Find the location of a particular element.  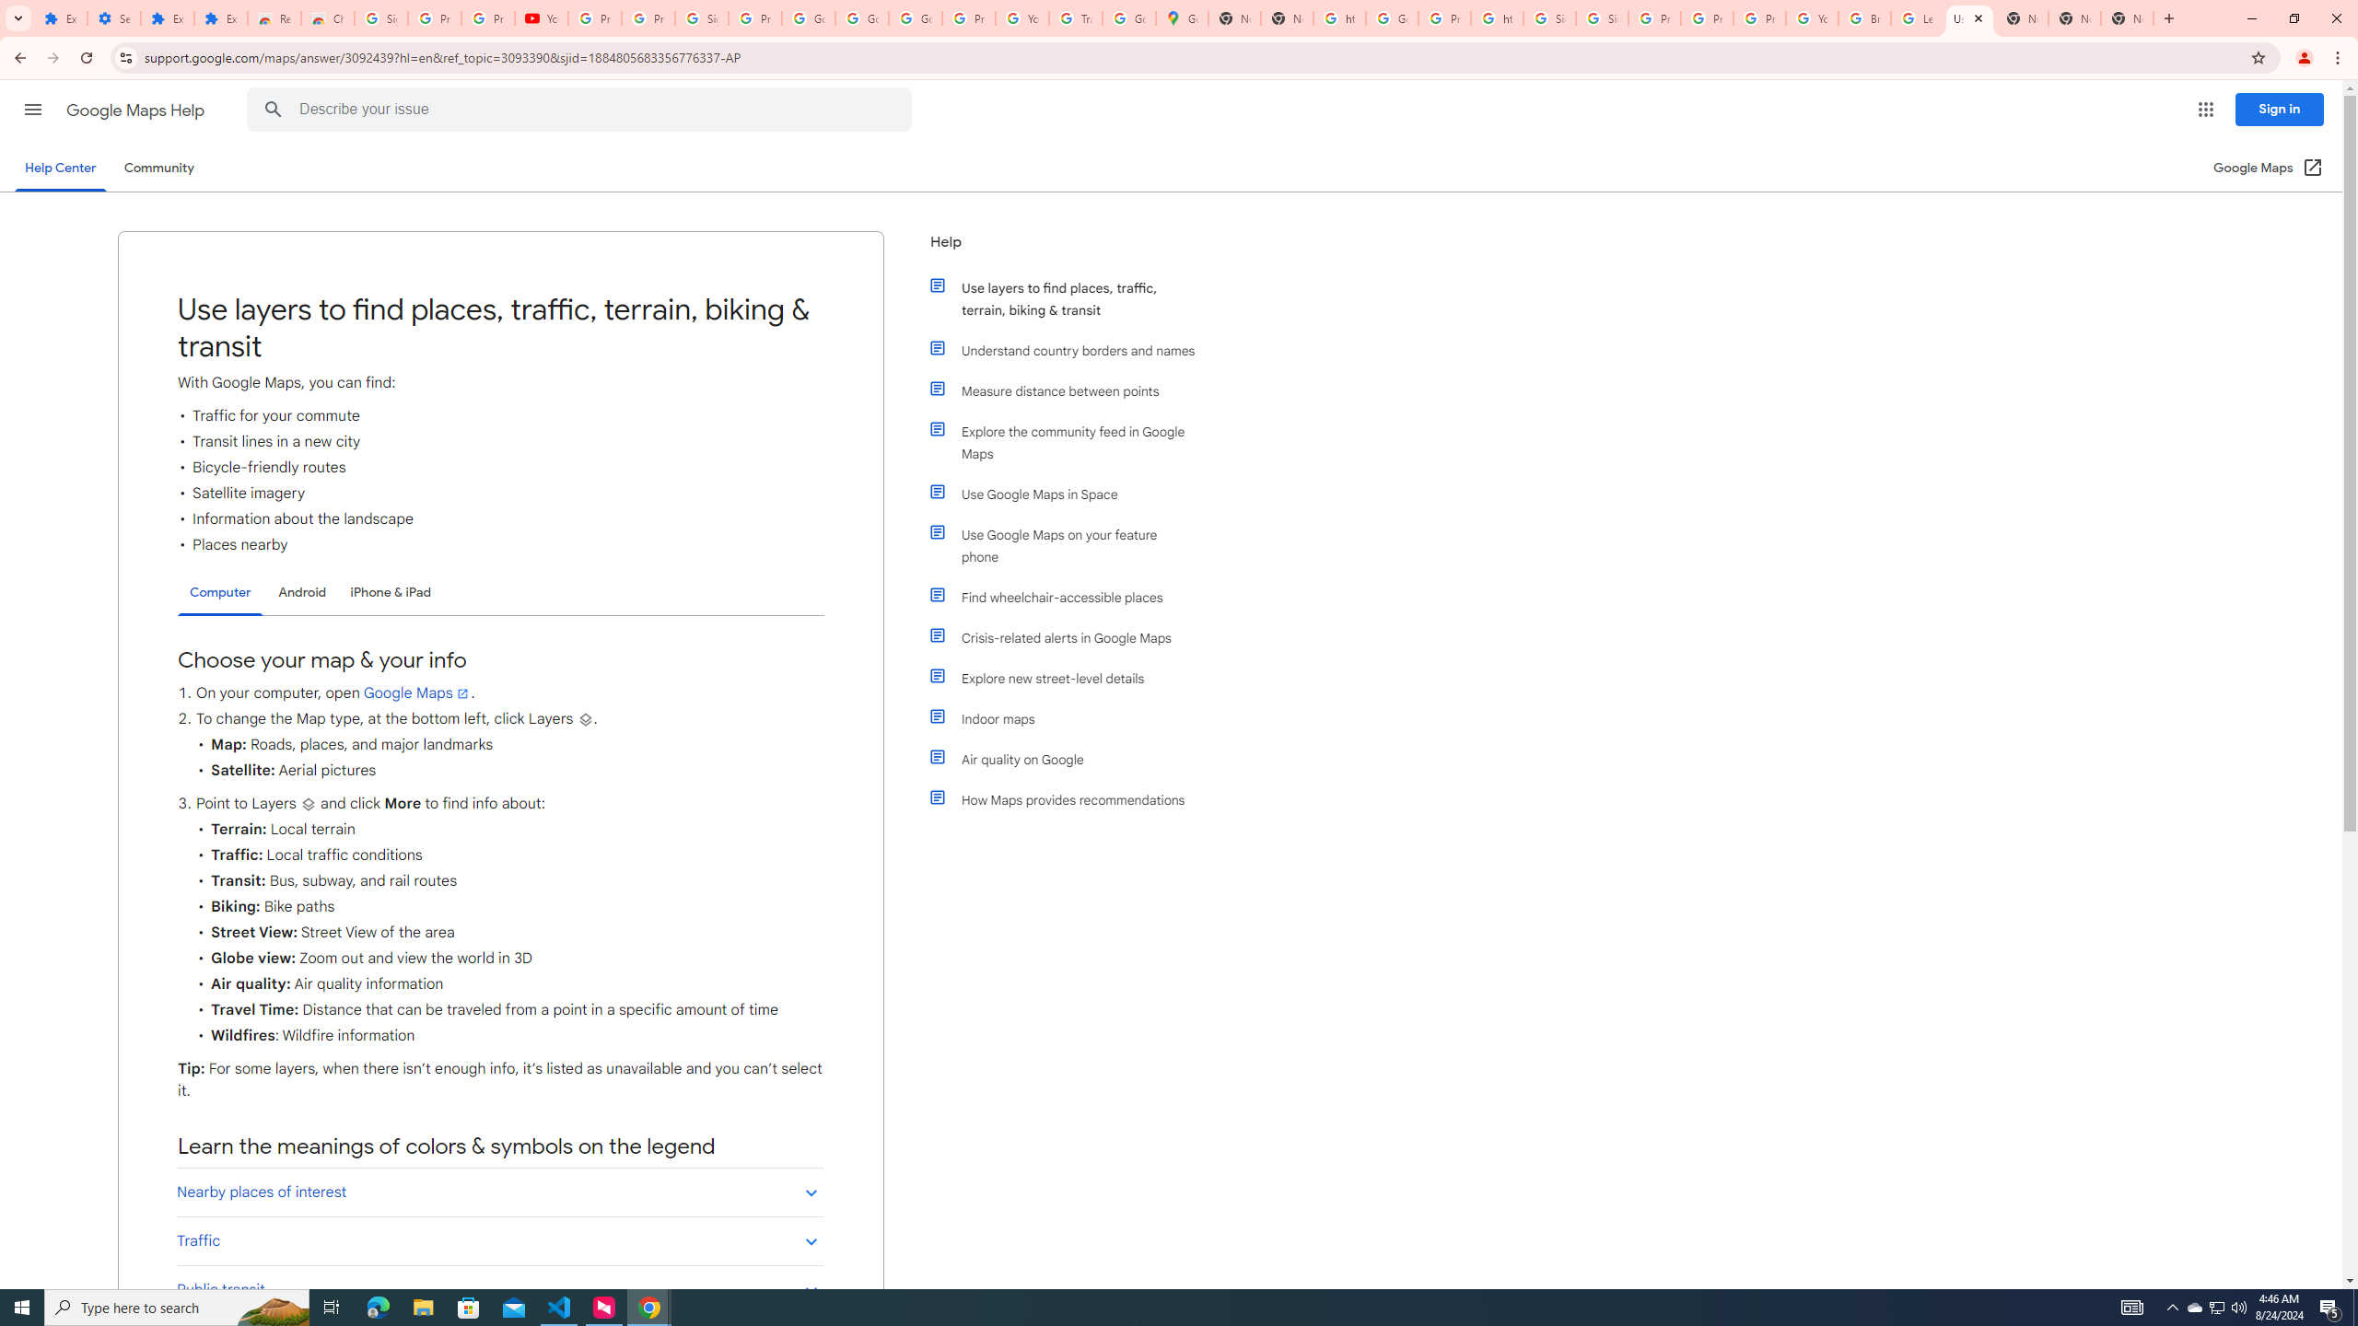

'Chrome Web Store - Themes' is located at coordinates (326, 17).